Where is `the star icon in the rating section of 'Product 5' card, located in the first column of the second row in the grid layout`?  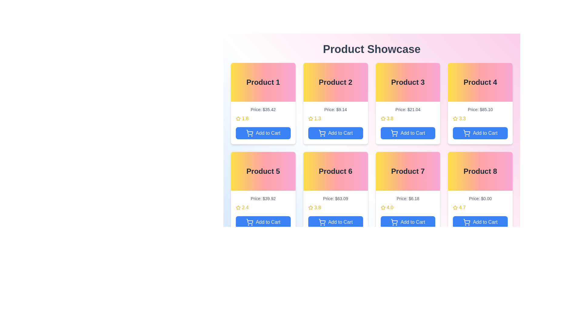
the star icon in the rating section of 'Product 5' card, located in the first column of the second row in the grid layout is located at coordinates (238, 207).